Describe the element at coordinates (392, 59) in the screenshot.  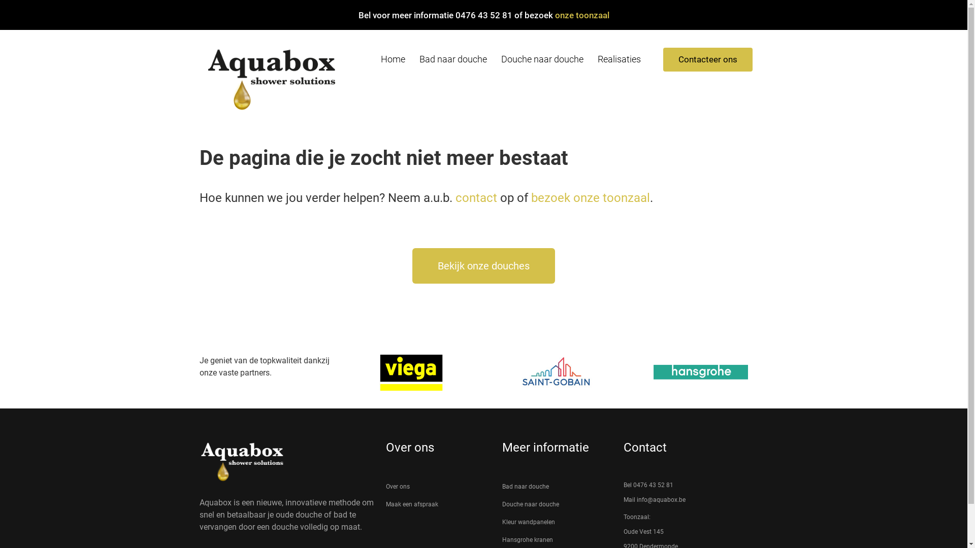
I see `'Home'` at that location.